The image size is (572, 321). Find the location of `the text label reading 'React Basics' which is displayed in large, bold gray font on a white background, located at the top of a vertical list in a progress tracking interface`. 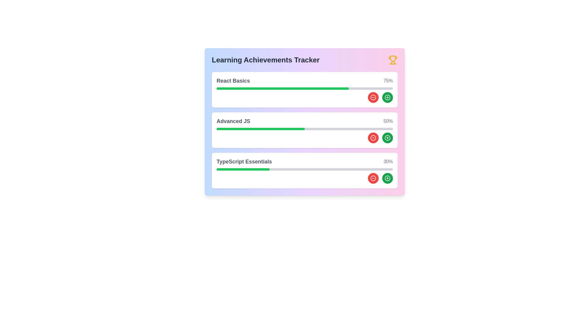

the text label reading 'React Basics' which is displayed in large, bold gray font on a white background, located at the top of a vertical list in a progress tracking interface is located at coordinates (233, 81).